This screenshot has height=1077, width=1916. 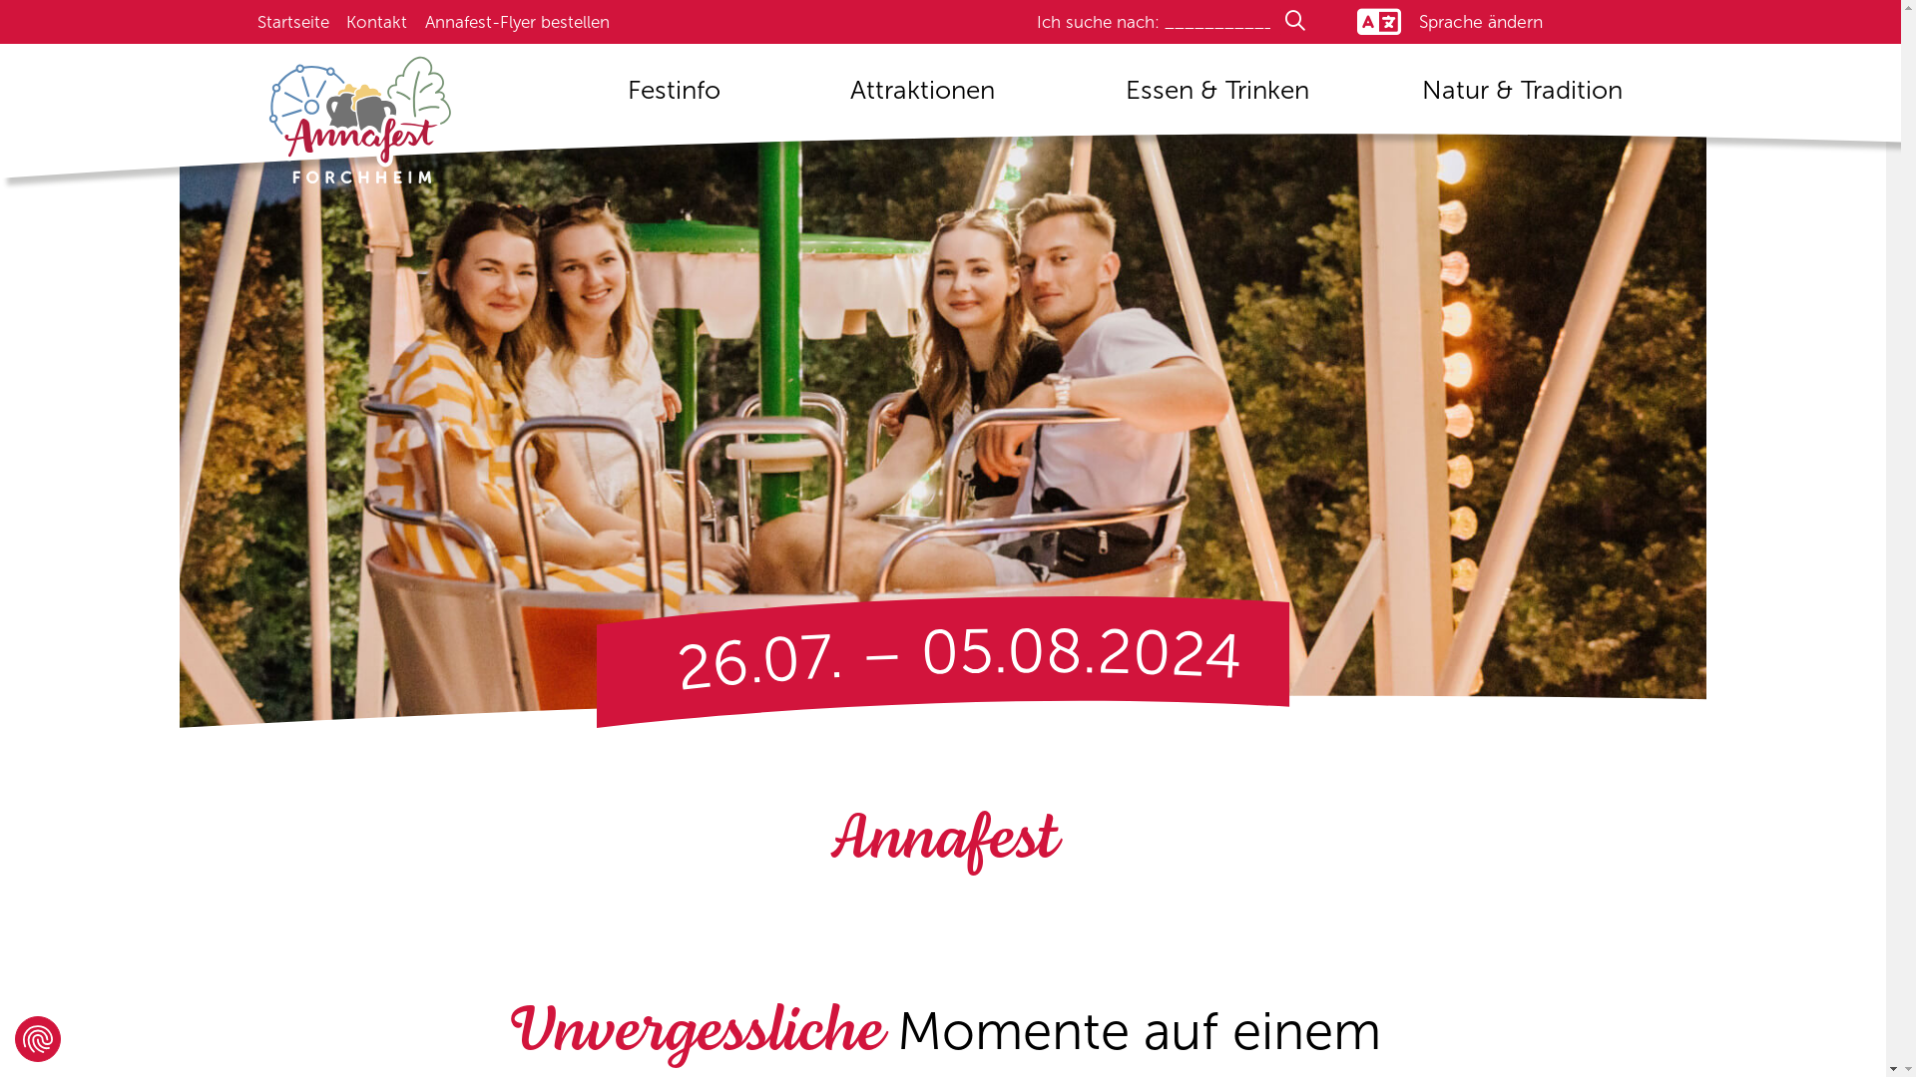 What do you see at coordinates (1521, 97) in the screenshot?
I see `'Natur & Tradition'` at bounding box center [1521, 97].